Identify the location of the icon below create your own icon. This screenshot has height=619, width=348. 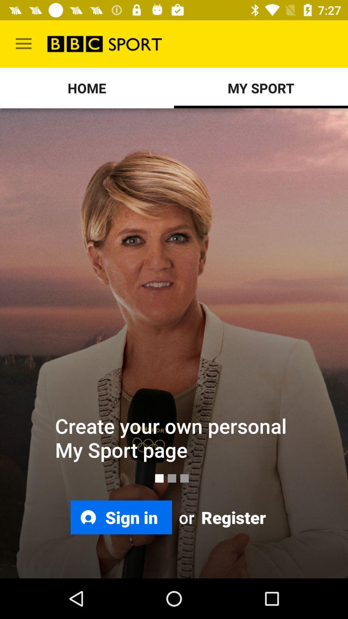
(232, 517).